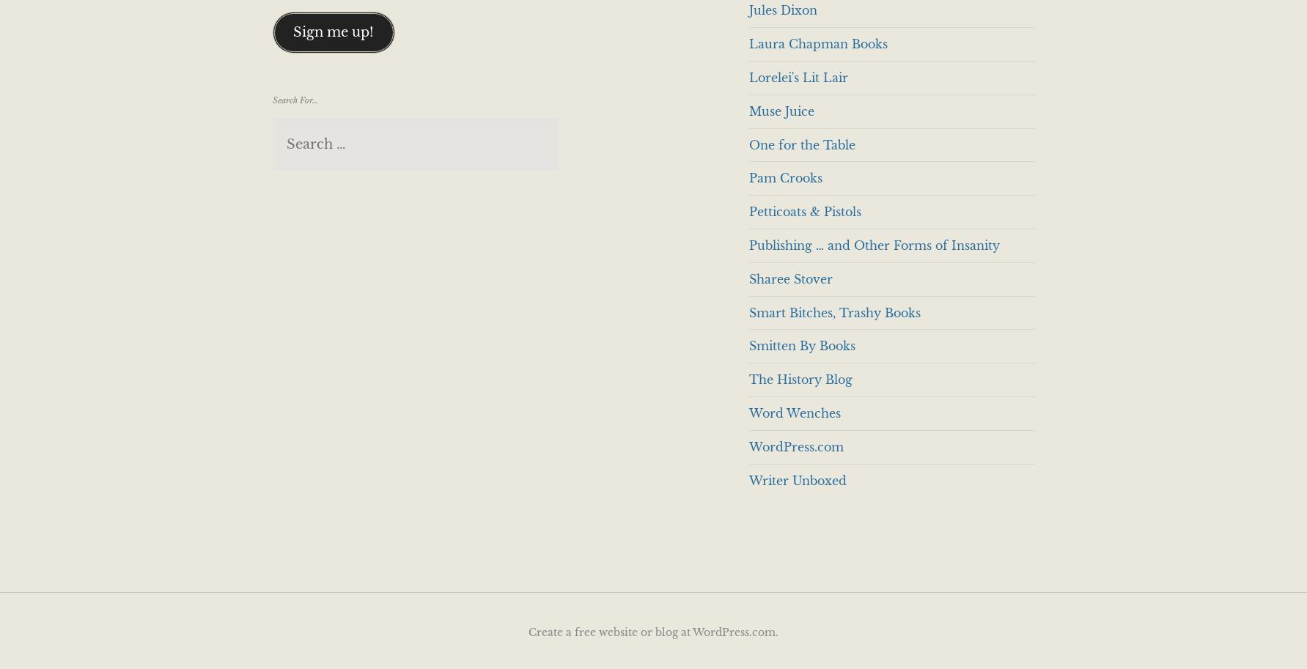 This screenshot has height=669, width=1307. What do you see at coordinates (748, 110) in the screenshot?
I see `'Muse Juice'` at bounding box center [748, 110].